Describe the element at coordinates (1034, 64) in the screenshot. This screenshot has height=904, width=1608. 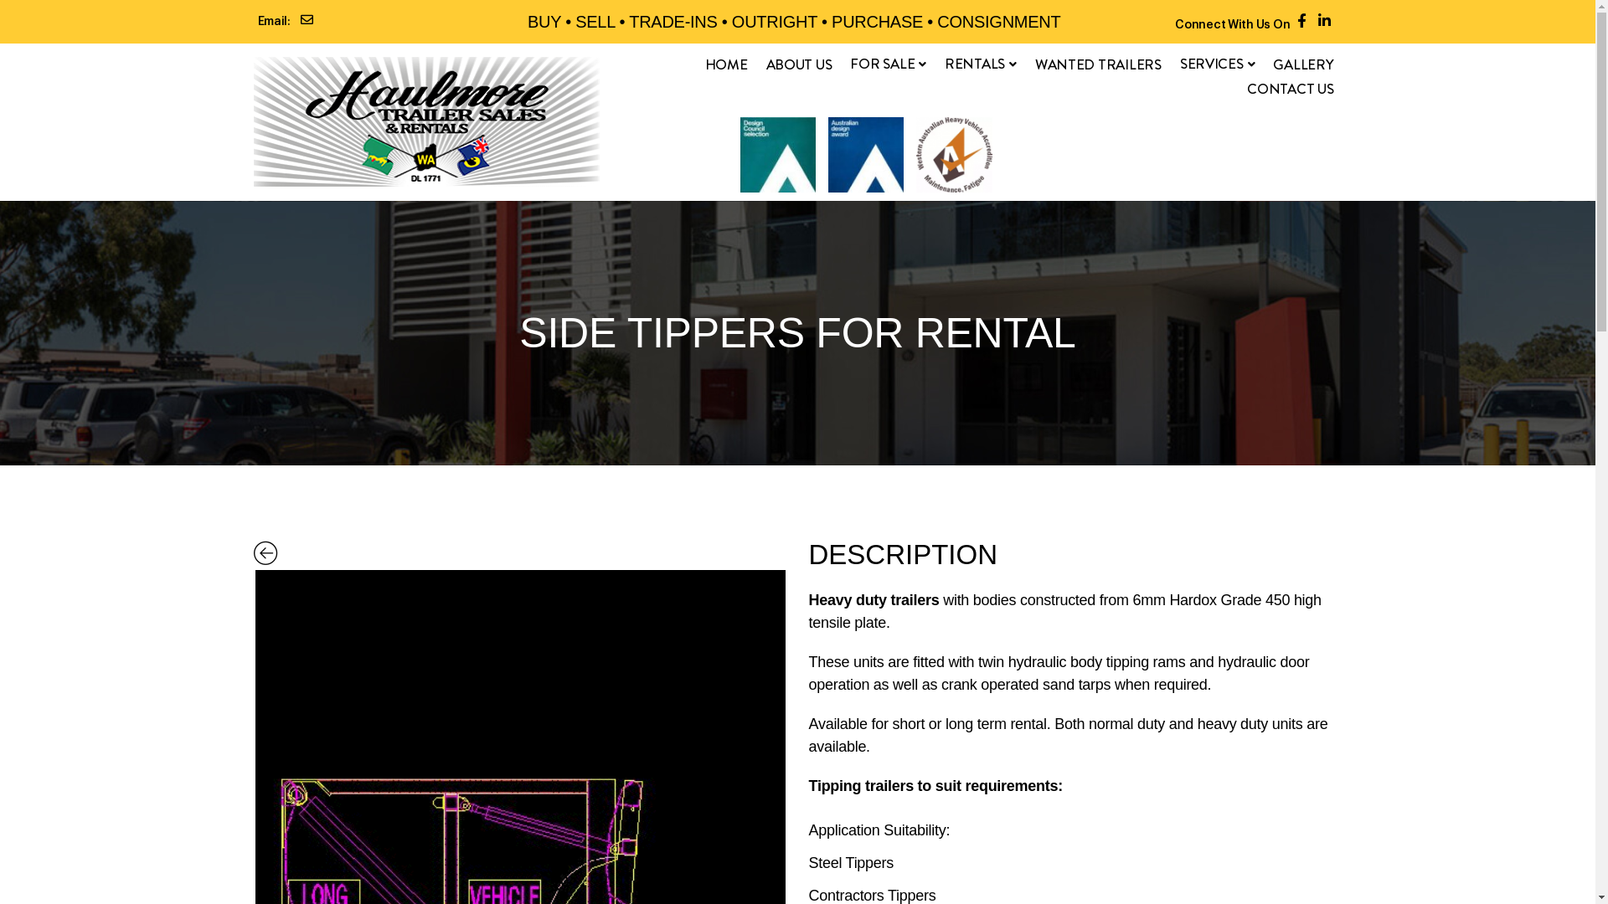
I see `'WANTED TRAILERS'` at that location.